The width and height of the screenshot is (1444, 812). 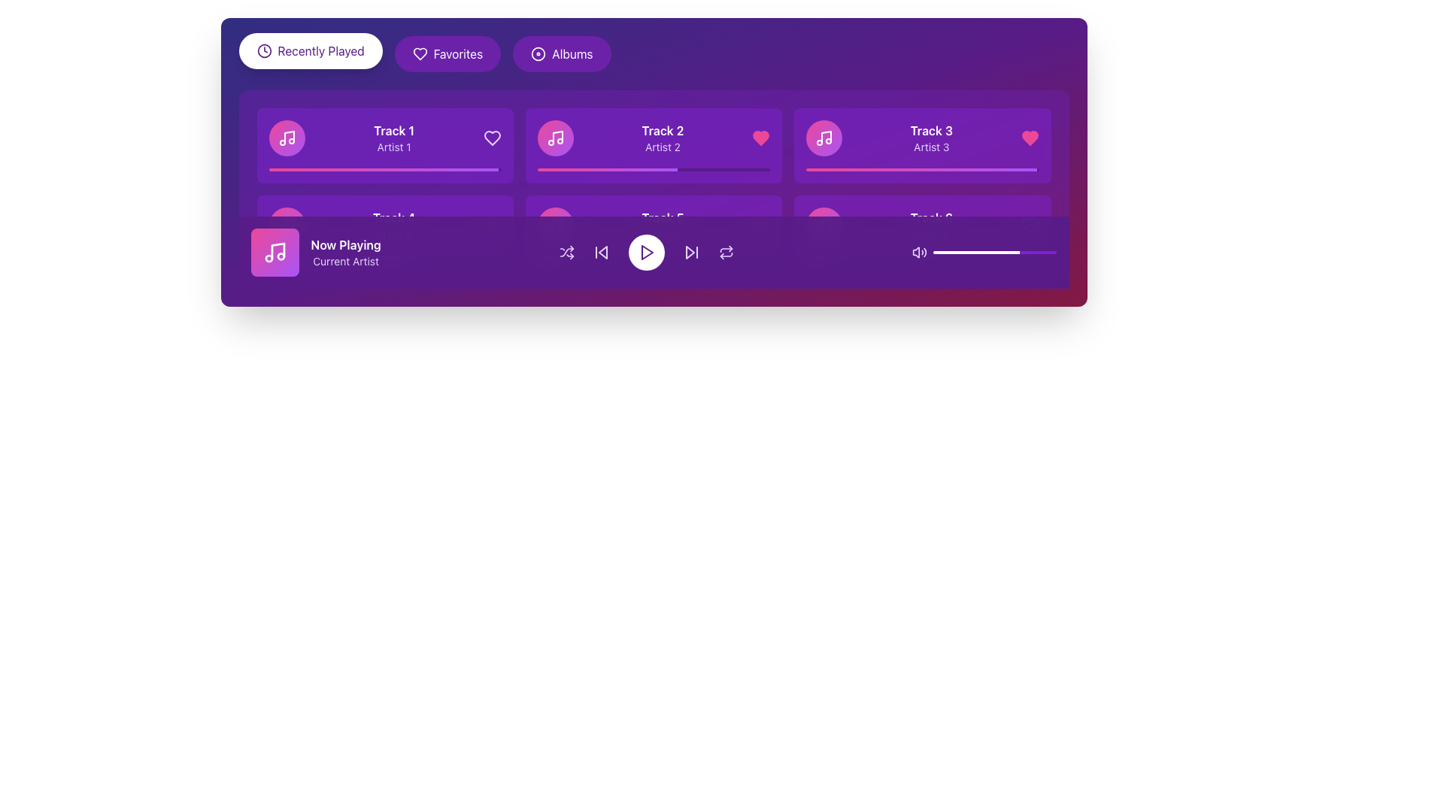 What do you see at coordinates (420, 53) in the screenshot?
I see `the 'Favorites' button containing the heart icon` at bounding box center [420, 53].